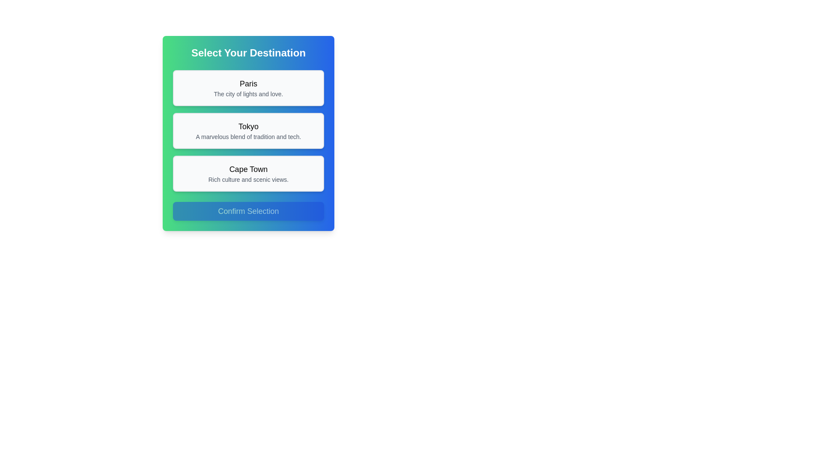  I want to click on the list item presenting the title 'Cape Town', so click(248, 173).